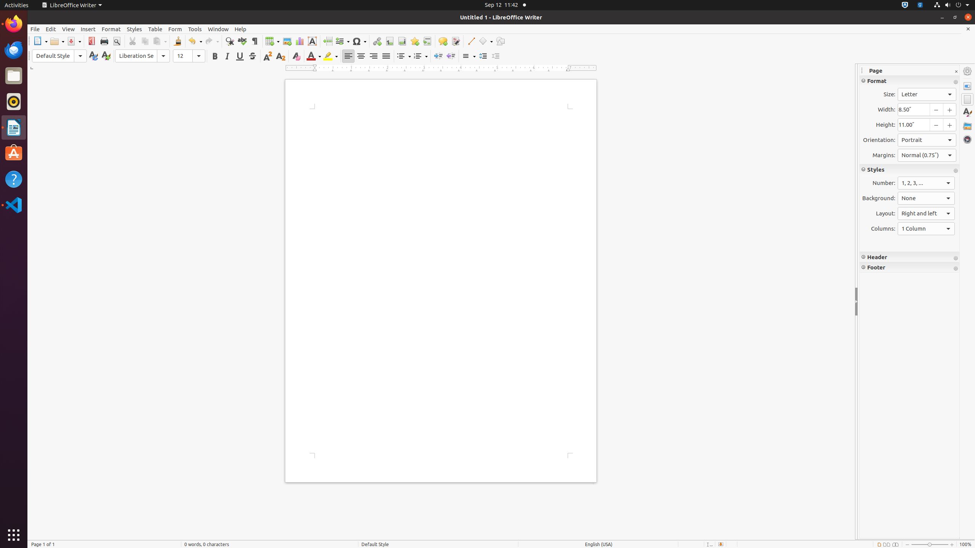 The height and width of the screenshot is (548, 975). I want to click on 'Formatting Marks', so click(254, 41).